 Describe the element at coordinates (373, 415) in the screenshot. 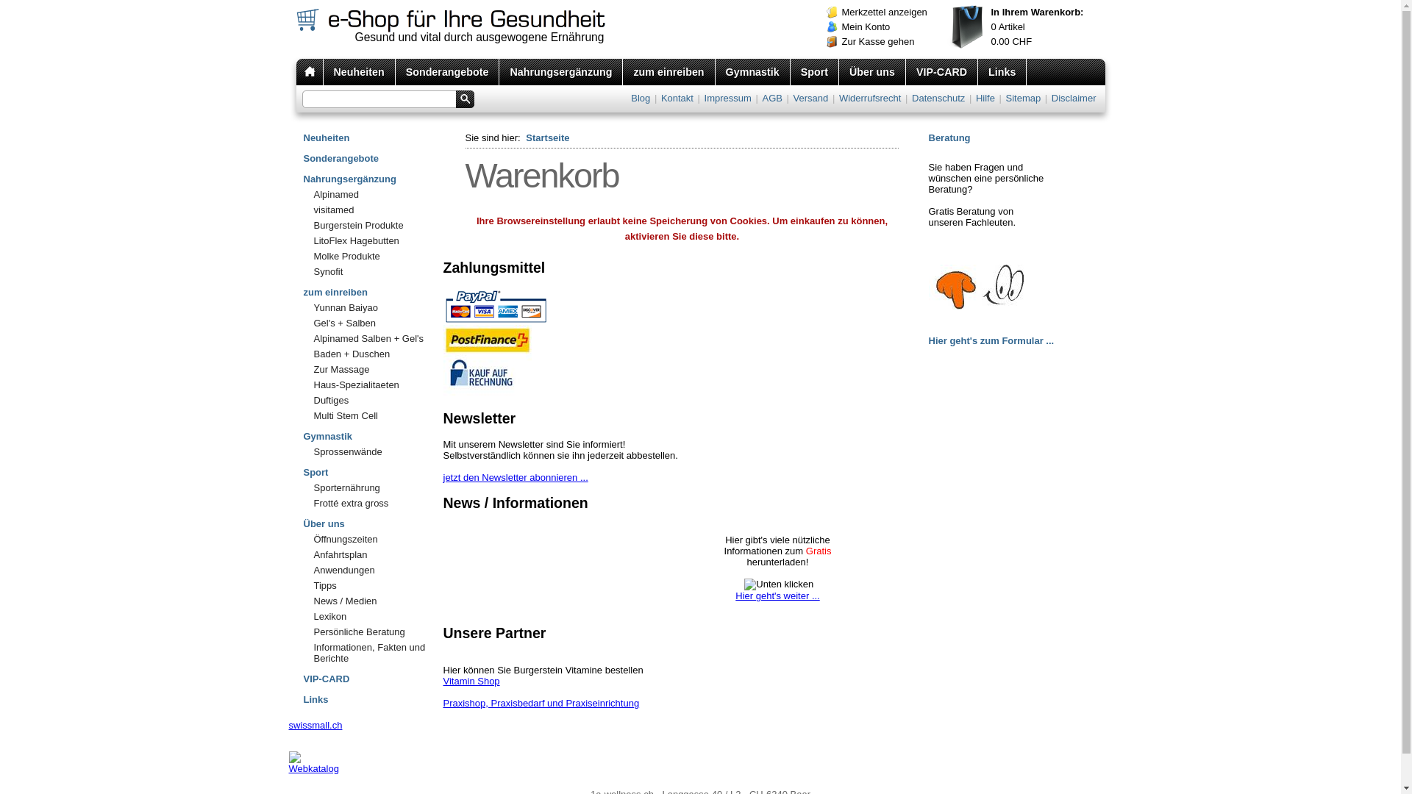

I see `'Multi Stem Cell'` at that location.